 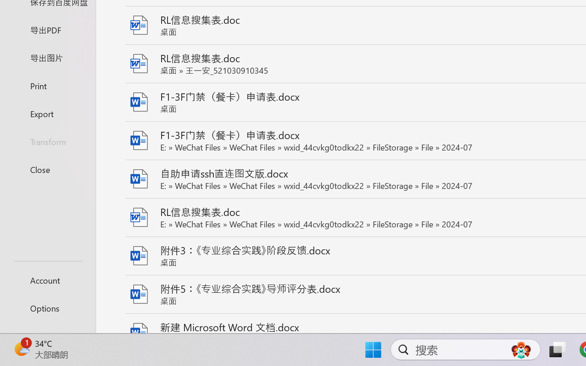 I want to click on 'Print', so click(x=47, y=85).